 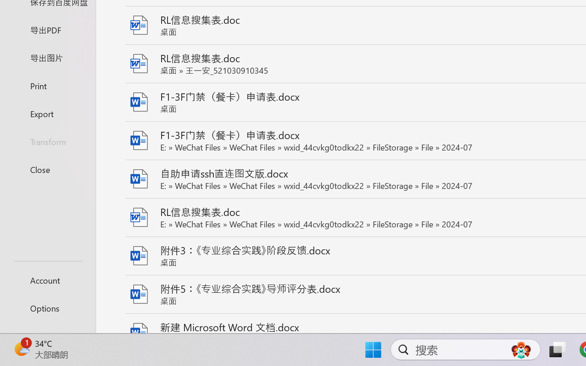 I want to click on 'Print', so click(x=47, y=85).